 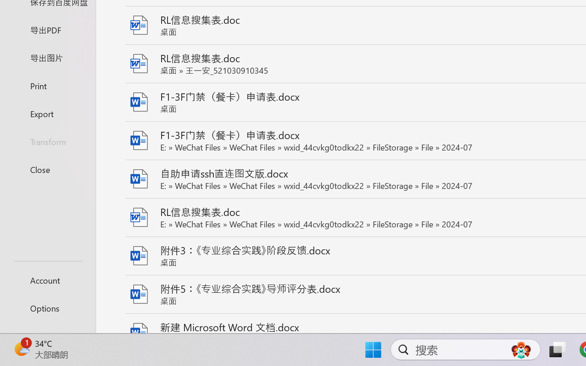 I want to click on 'Print', so click(x=47, y=85).